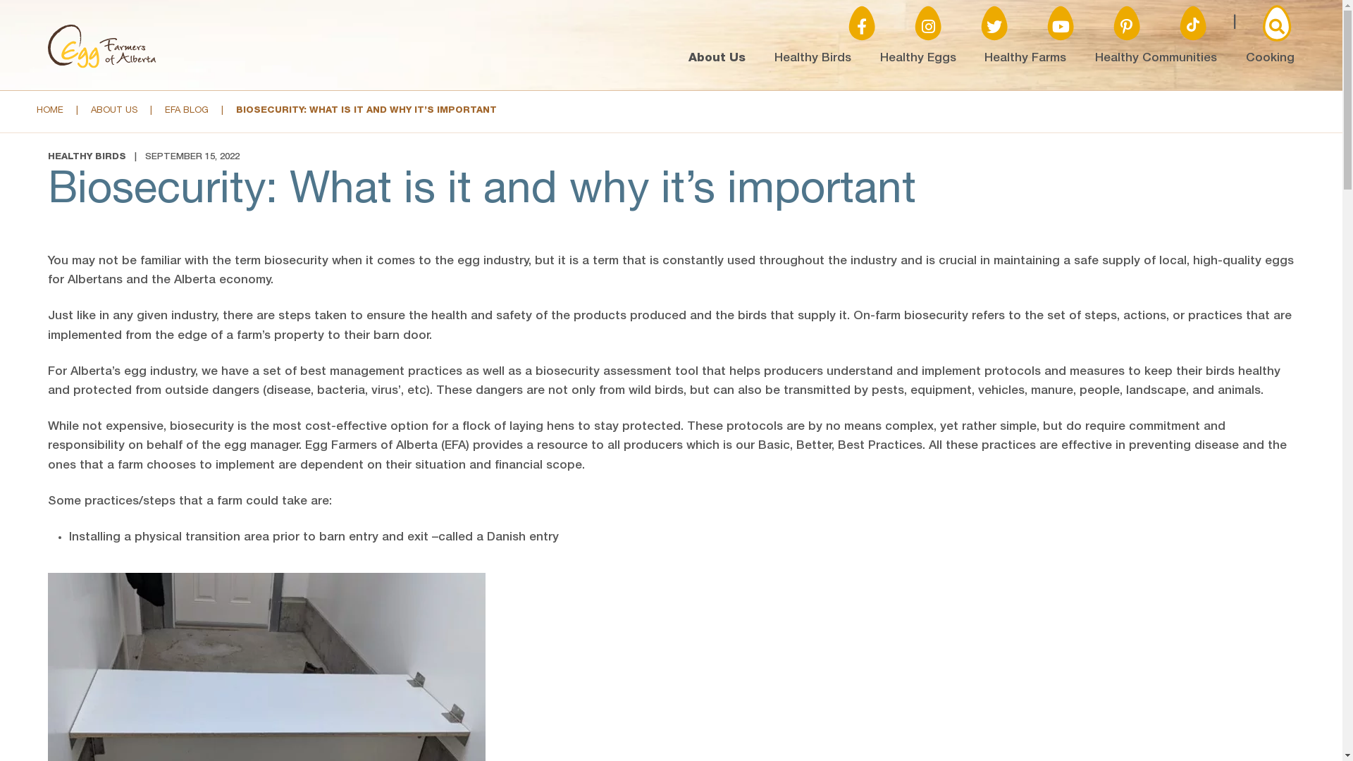  Describe the element at coordinates (37, 110) in the screenshot. I see `'HOME'` at that location.